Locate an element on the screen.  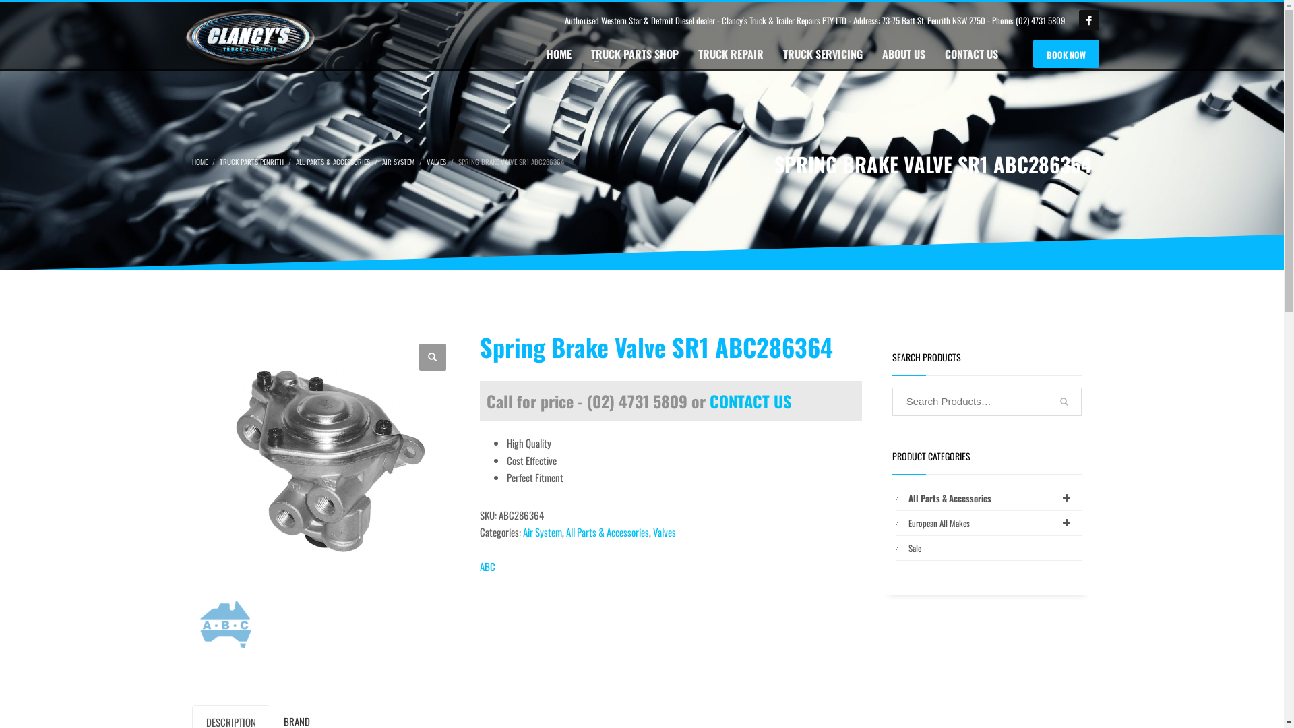
'ABOUT US' is located at coordinates (903, 53).